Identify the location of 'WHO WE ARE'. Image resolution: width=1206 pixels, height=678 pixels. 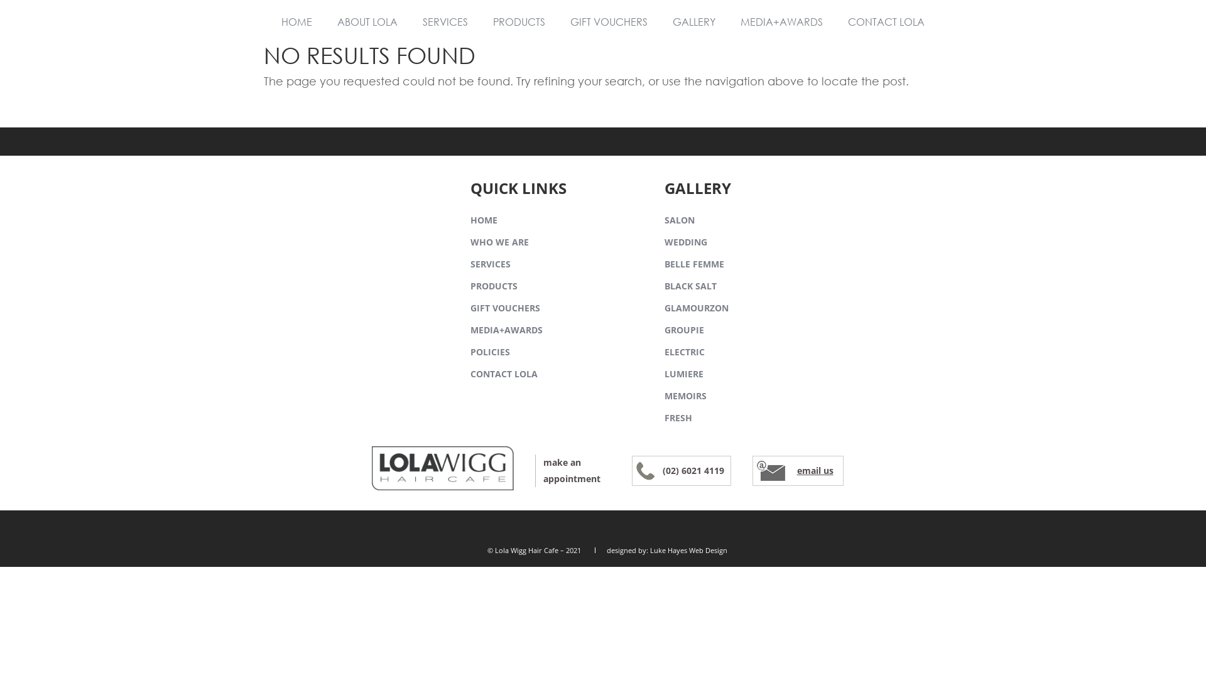
(469, 243).